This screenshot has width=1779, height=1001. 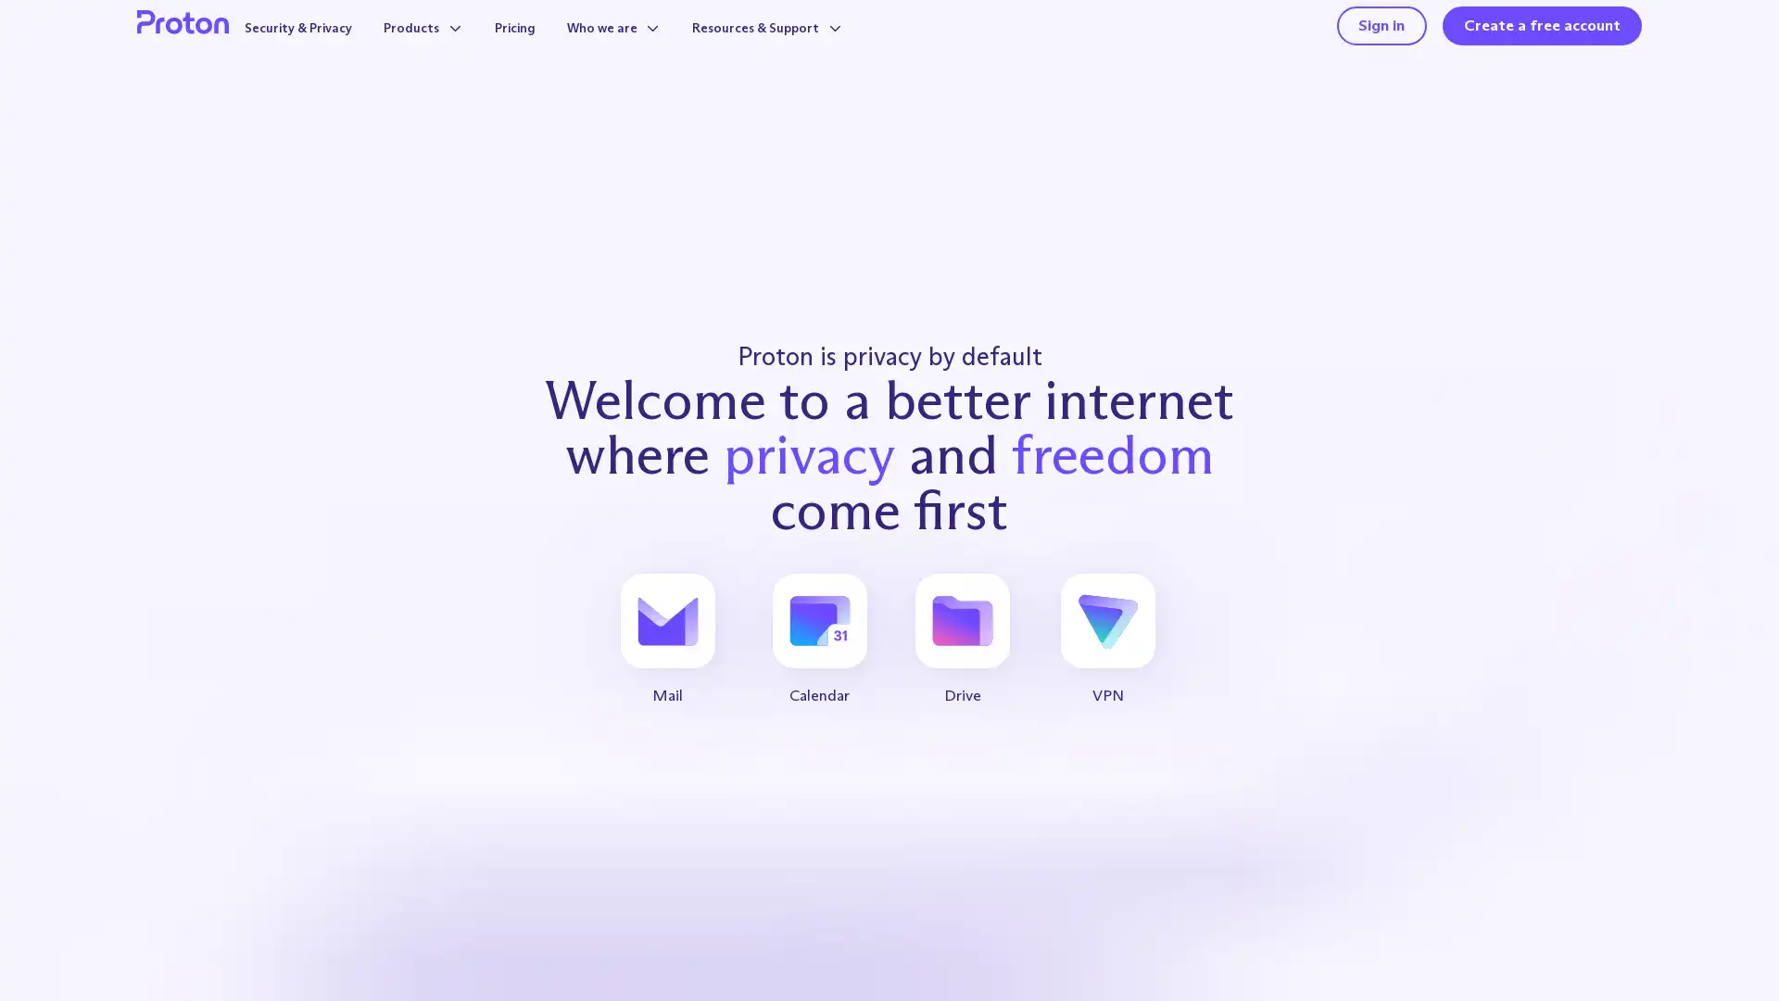 I want to click on Who we are, so click(x=629, y=47).